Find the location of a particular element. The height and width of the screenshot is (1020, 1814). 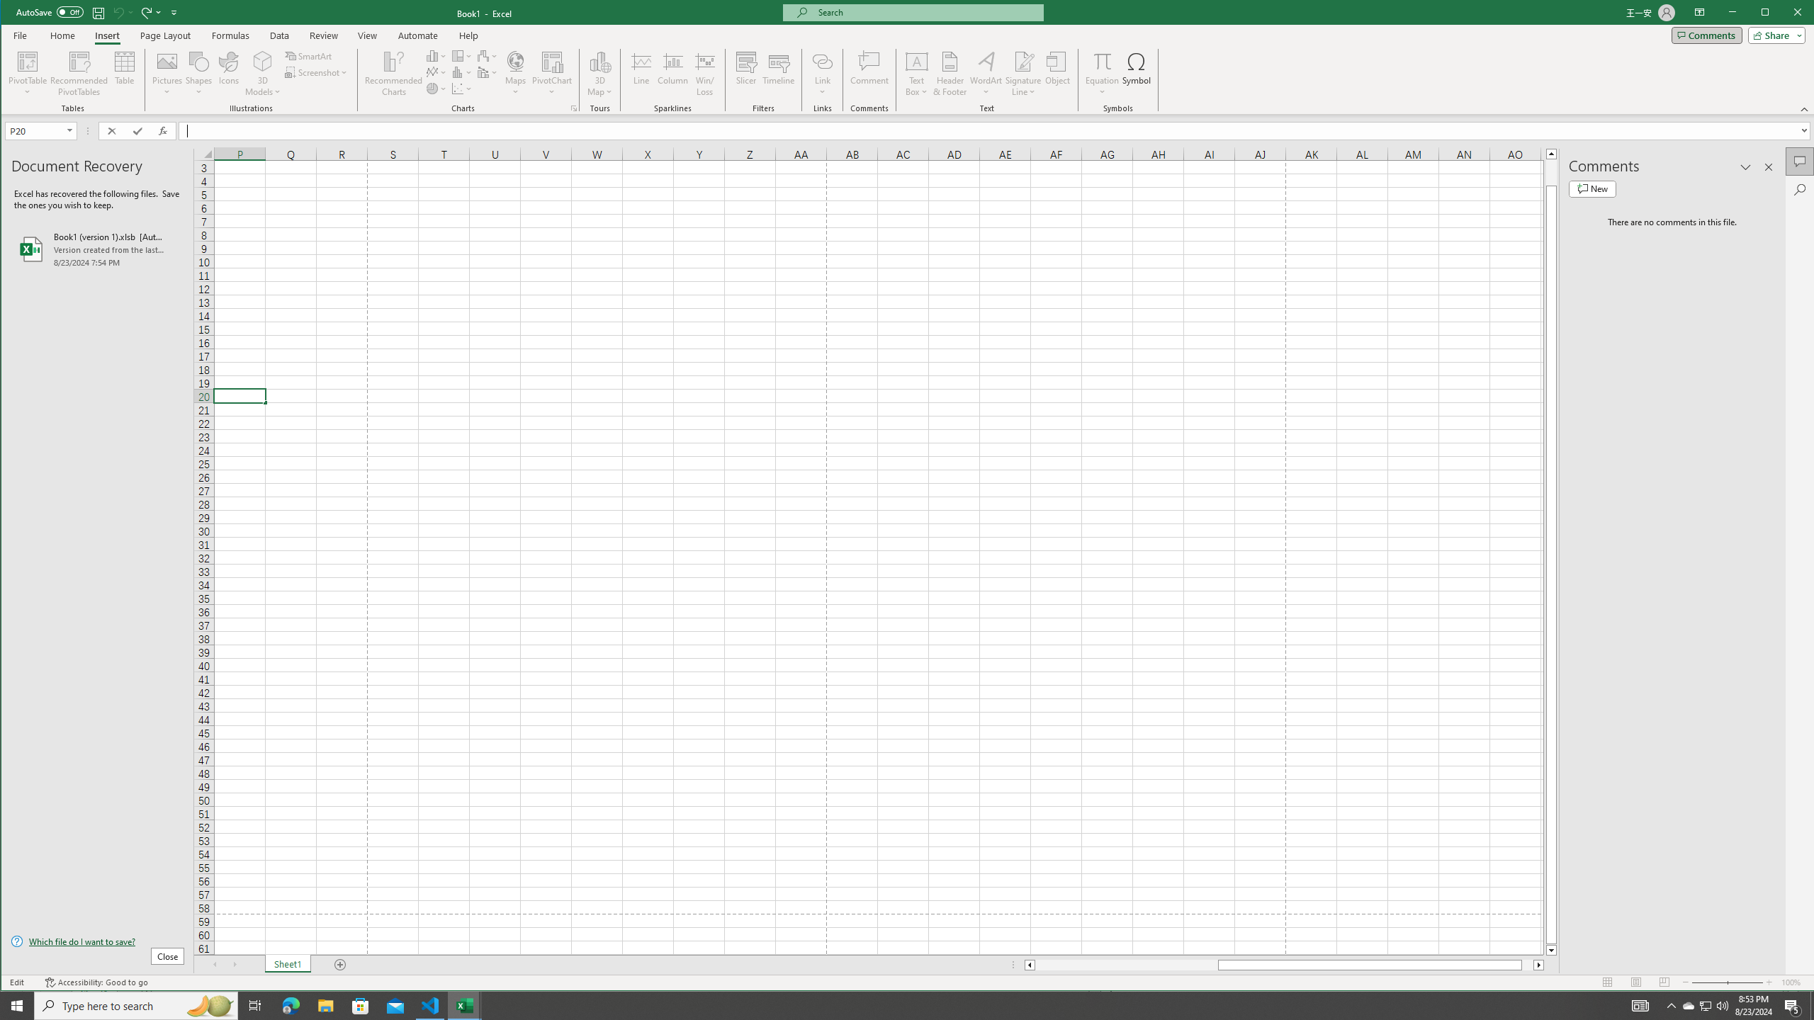

'Zoom In' is located at coordinates (1769, 982).